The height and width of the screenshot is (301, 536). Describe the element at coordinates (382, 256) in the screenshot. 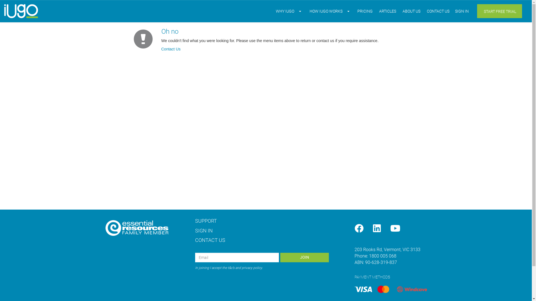

I see `'1800 005 068'` at that location.